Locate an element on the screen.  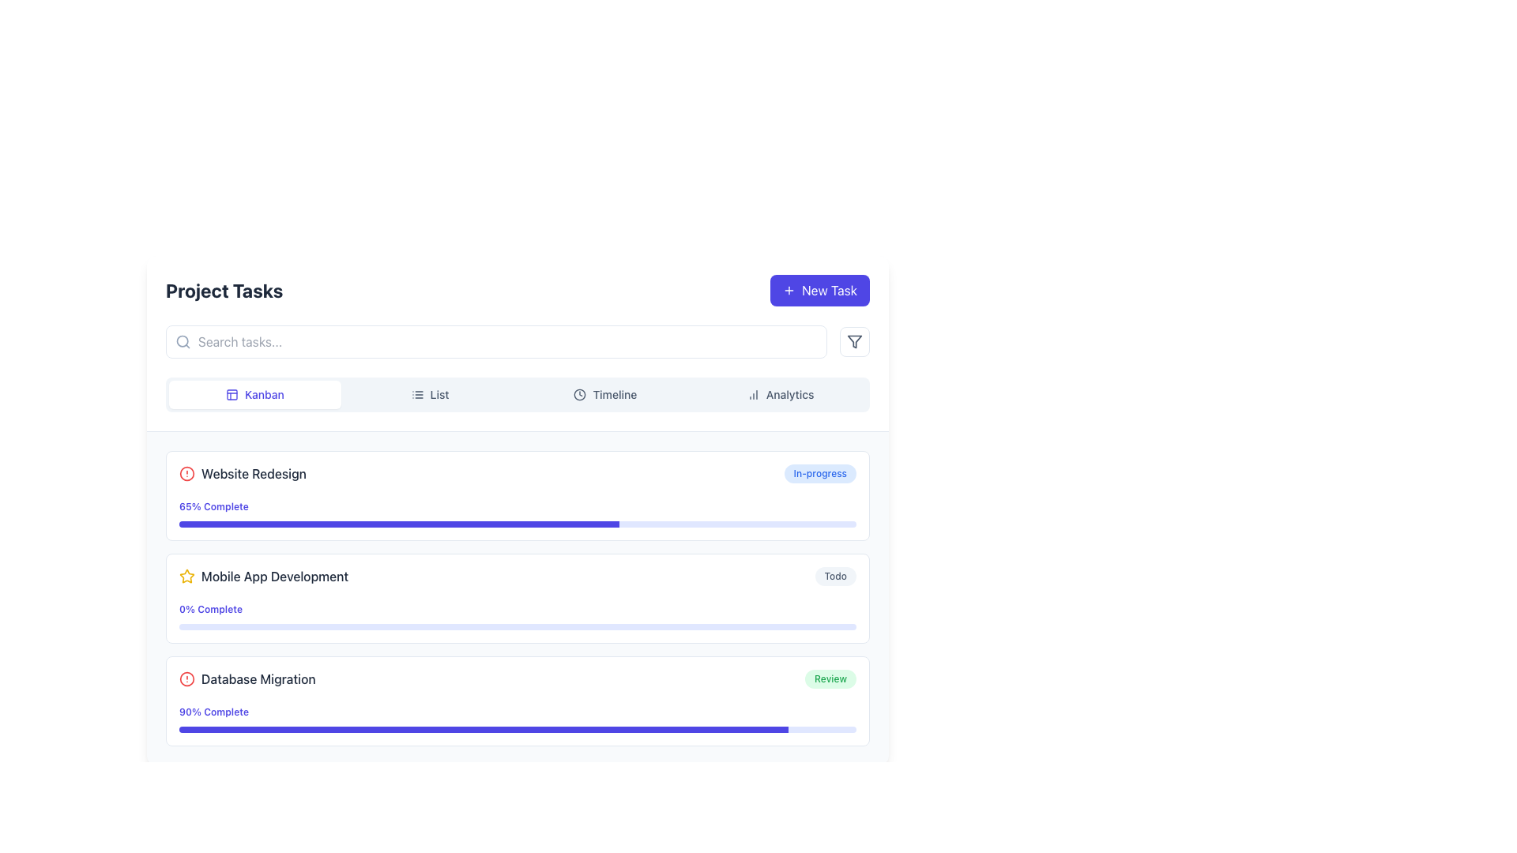
the text label displaying 'Website Redesign' which is in a medium-weight font and dark slate color, located in a task card section of a project management interface is located at coordinates (254, 473).